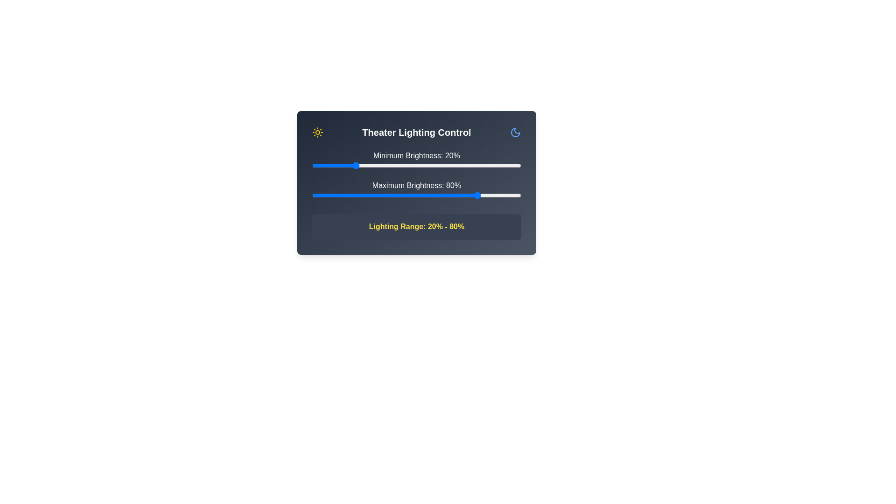  I want to click on the minimum brightness to 6% by interacting with the slider, so click(324, 165).